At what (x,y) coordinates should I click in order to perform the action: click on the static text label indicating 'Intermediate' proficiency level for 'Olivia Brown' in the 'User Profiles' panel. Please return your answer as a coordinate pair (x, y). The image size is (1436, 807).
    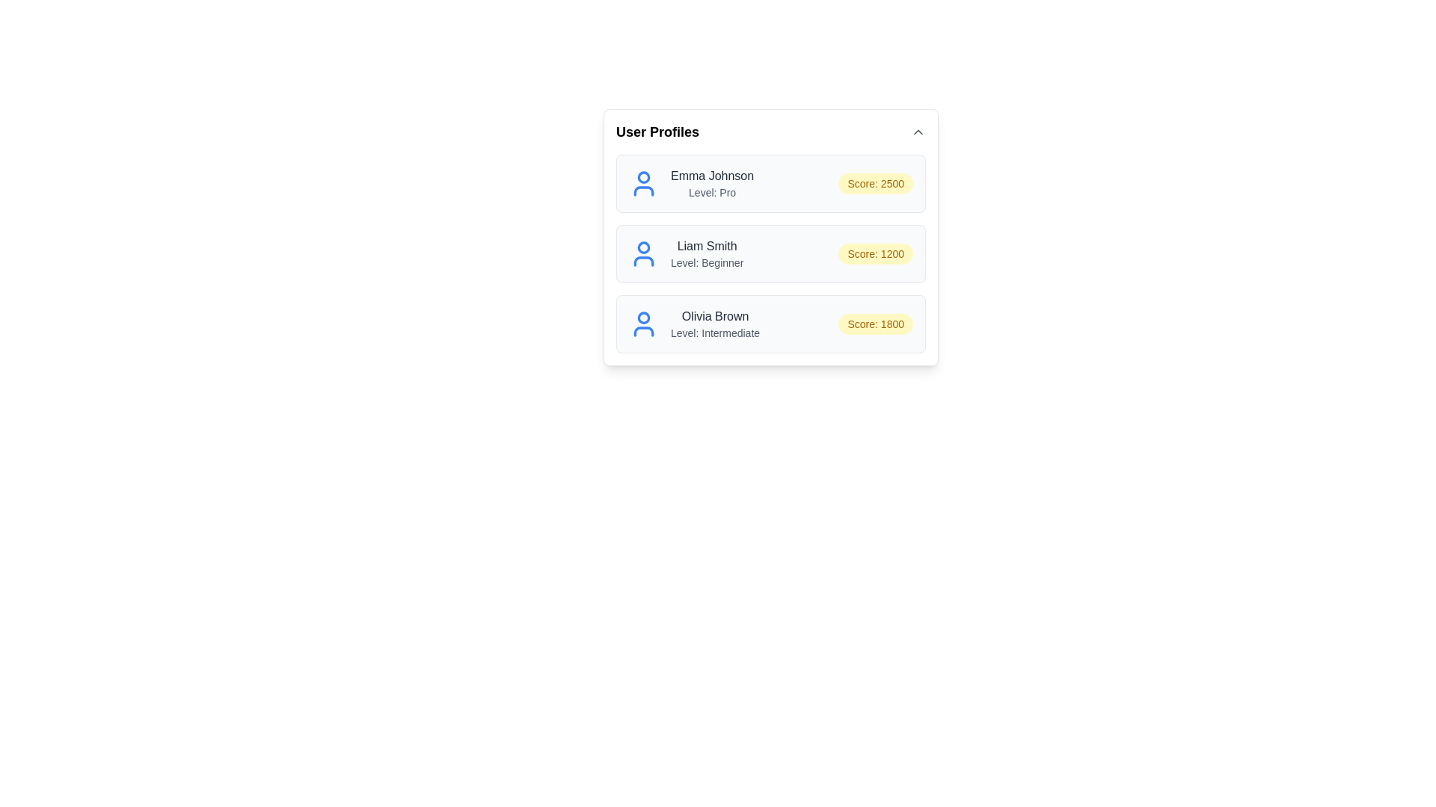
    Looking at the image, I should click on (714, 333).